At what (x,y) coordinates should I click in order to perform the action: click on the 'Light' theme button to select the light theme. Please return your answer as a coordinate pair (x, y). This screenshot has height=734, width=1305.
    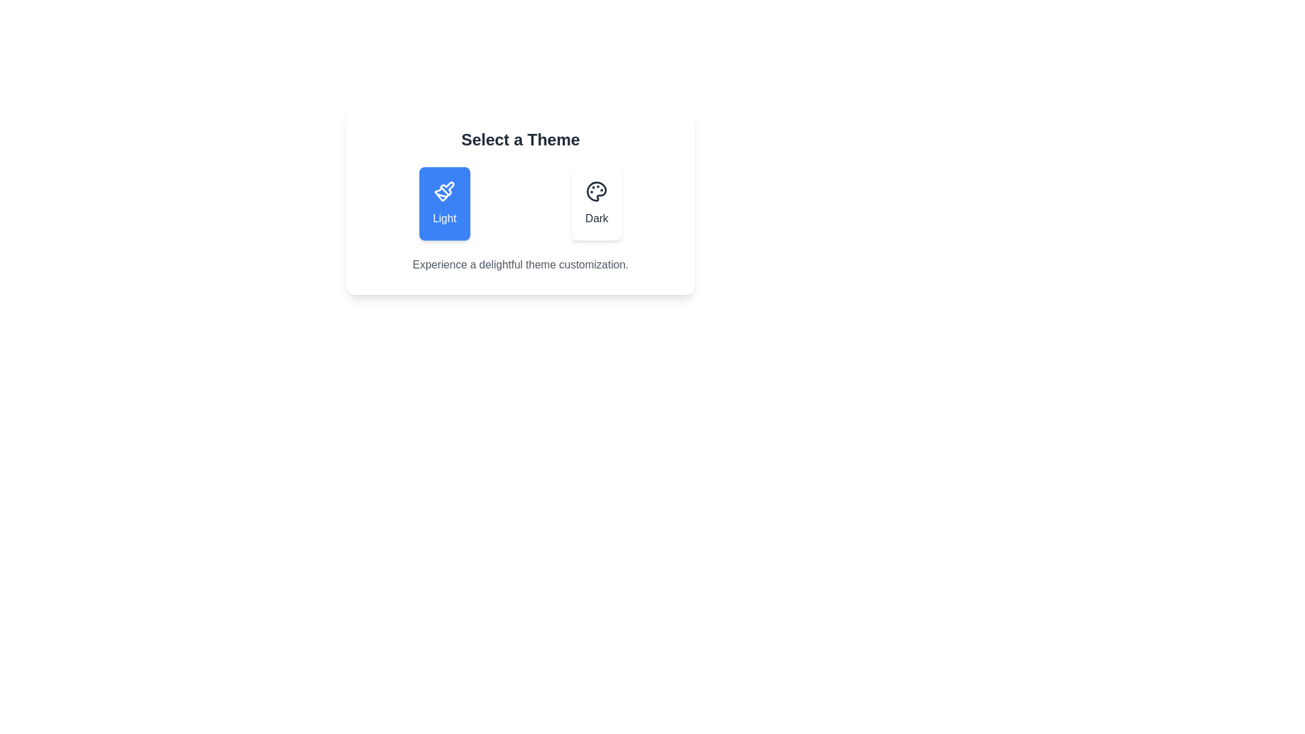
    Looking at the image, I should click on (444, 204).